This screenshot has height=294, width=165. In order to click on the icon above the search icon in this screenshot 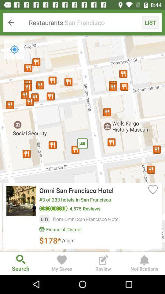, I will do `click(82, 144)`.